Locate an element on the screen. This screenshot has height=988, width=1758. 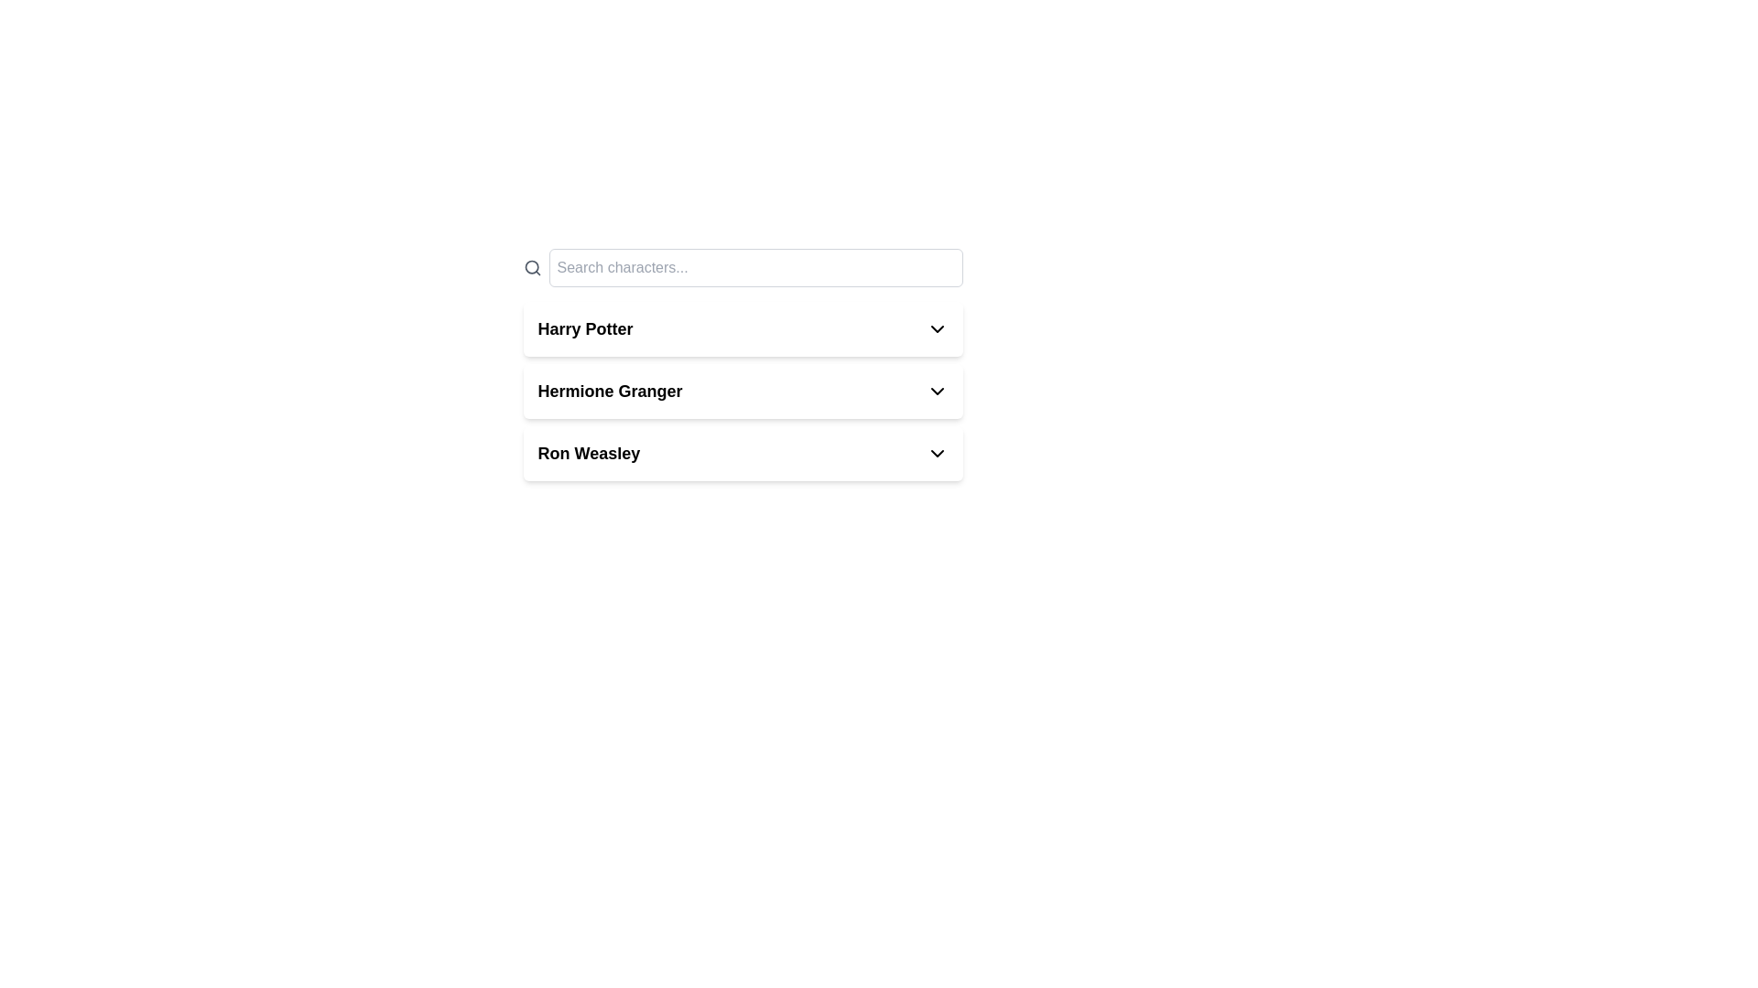
the dropdown icon located to the right of the 'Harry Potter' text is located at coordinates (937, 328).